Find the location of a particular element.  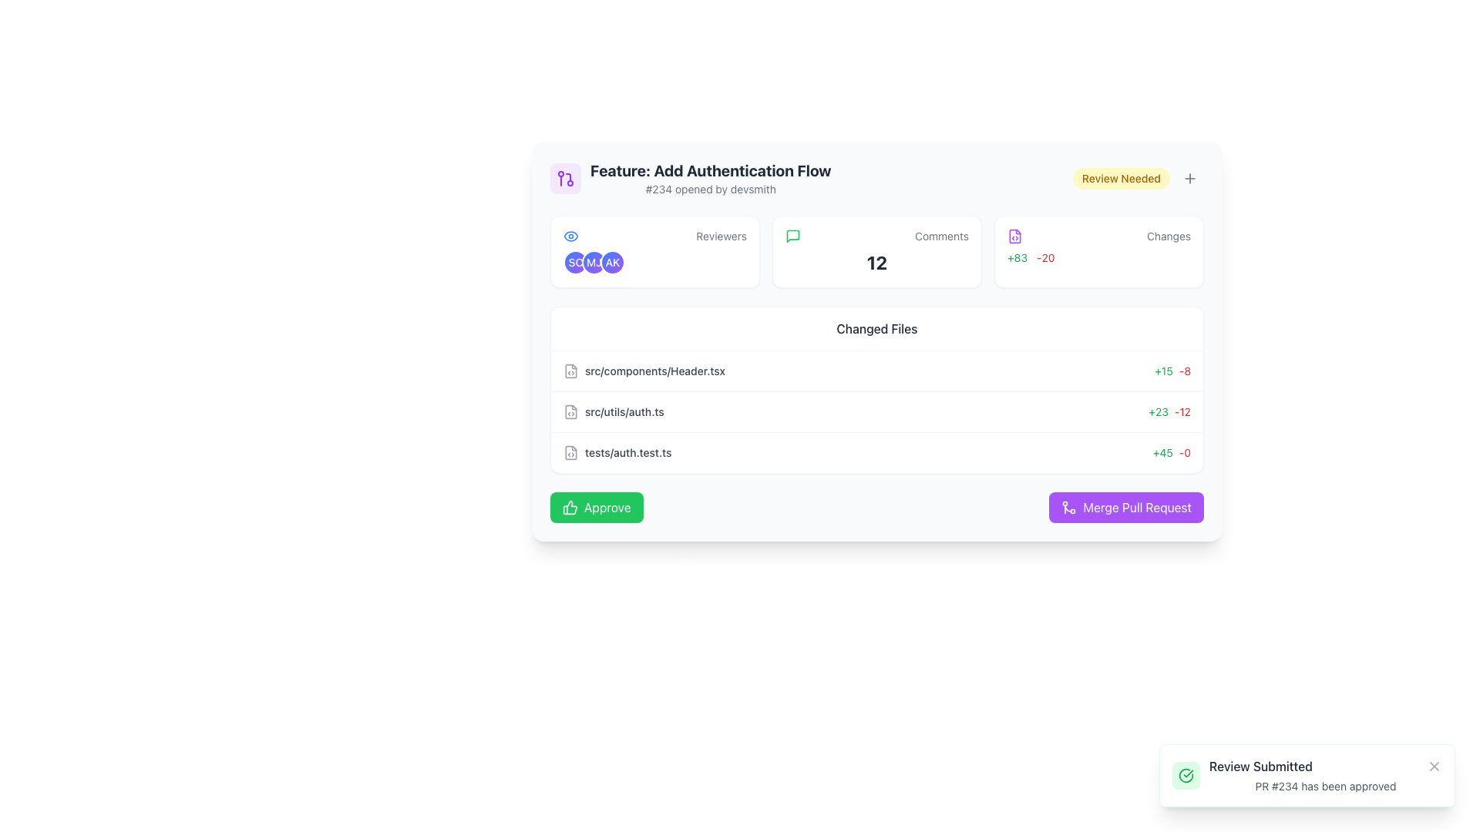

the grey vector icon shaped like a document with code-related graphics, located near the list item for 'tests/auth.test.ts' is located at coordinates (570, 451).